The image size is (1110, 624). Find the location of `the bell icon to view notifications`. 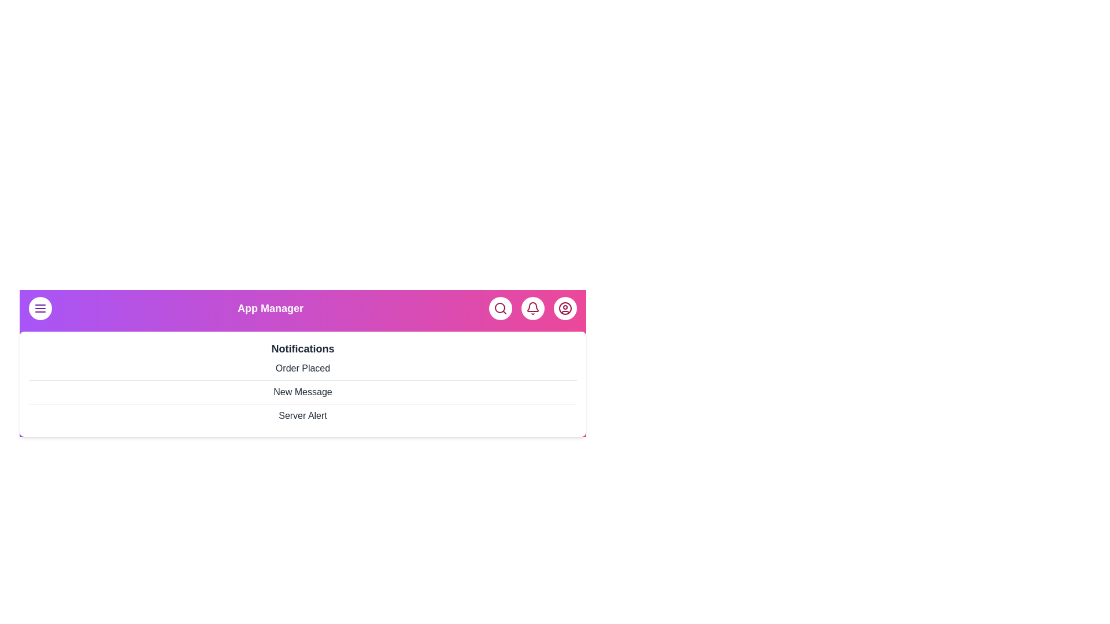

the bell icon to view notifications is located at coordinates (532, 307).